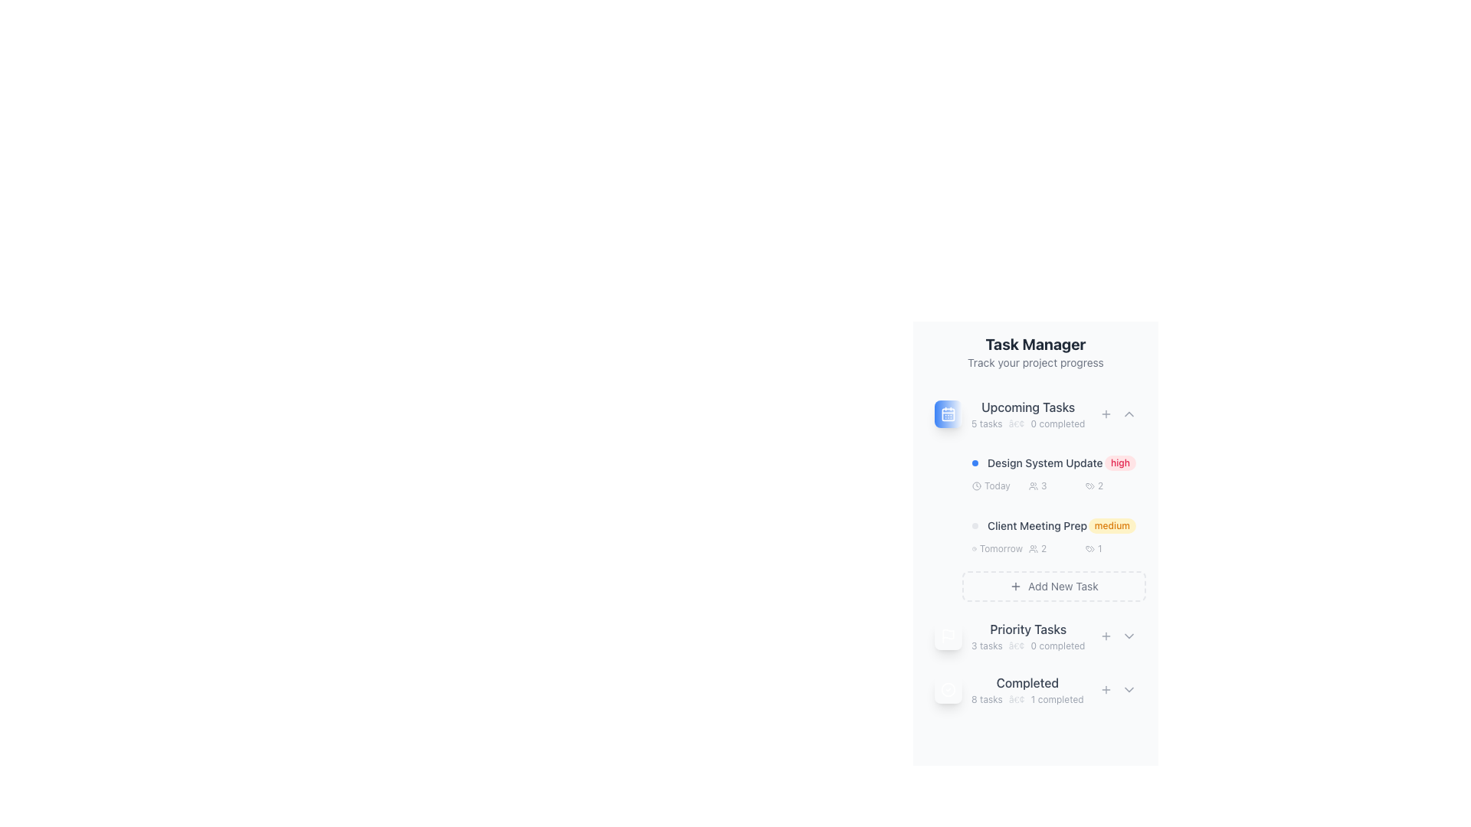  What do you see at coordinates (987, 700) in the screenshot?
I see `the text label displaying '8 tasks' in gray color located in the 'Completed' tasks section under the 'Priority Tasks' header` at bounding box center [987, 700].